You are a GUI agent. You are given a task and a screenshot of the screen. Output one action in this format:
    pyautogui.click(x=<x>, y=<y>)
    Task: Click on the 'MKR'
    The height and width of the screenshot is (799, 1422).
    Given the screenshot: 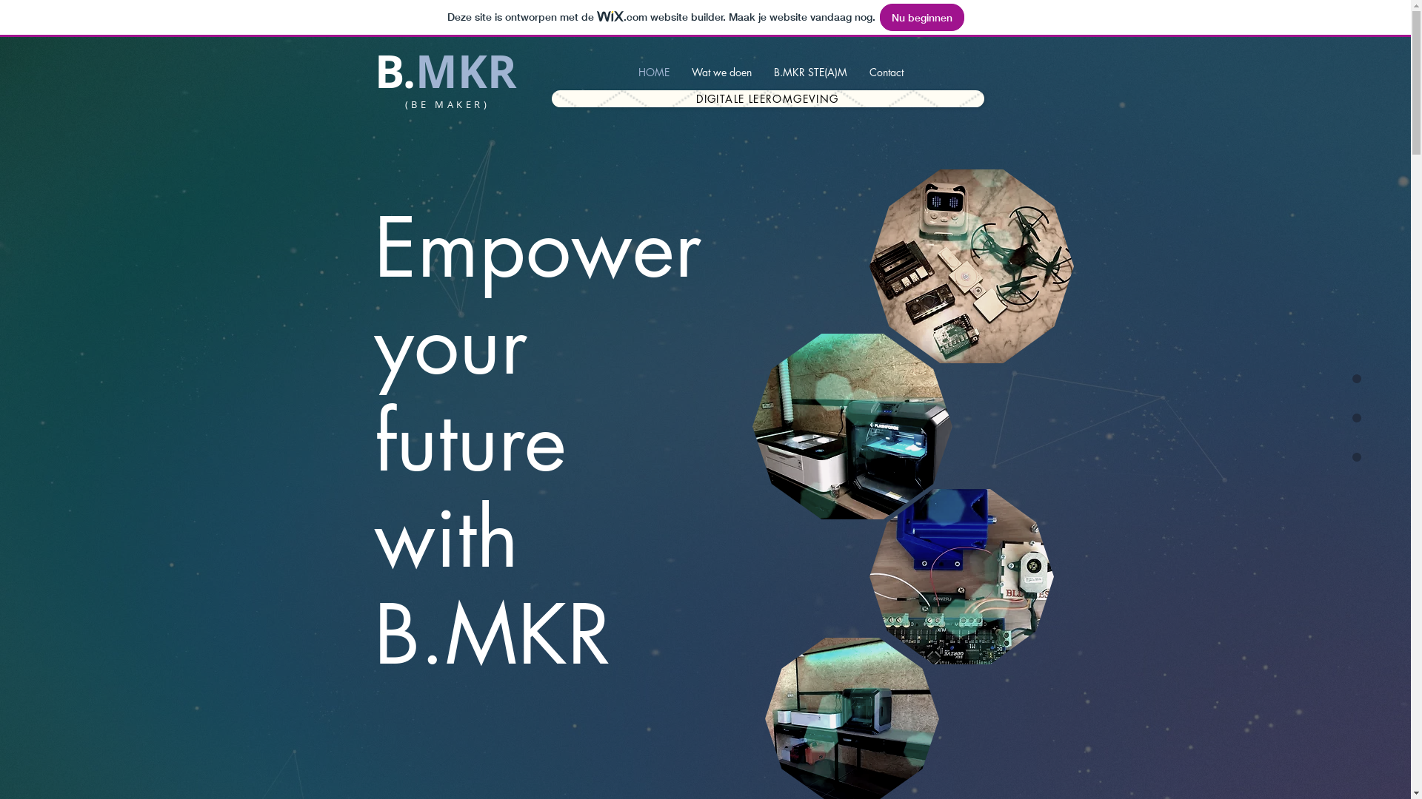 What is the action you would take?
    pyautogui.click(x=464, y=71)
    